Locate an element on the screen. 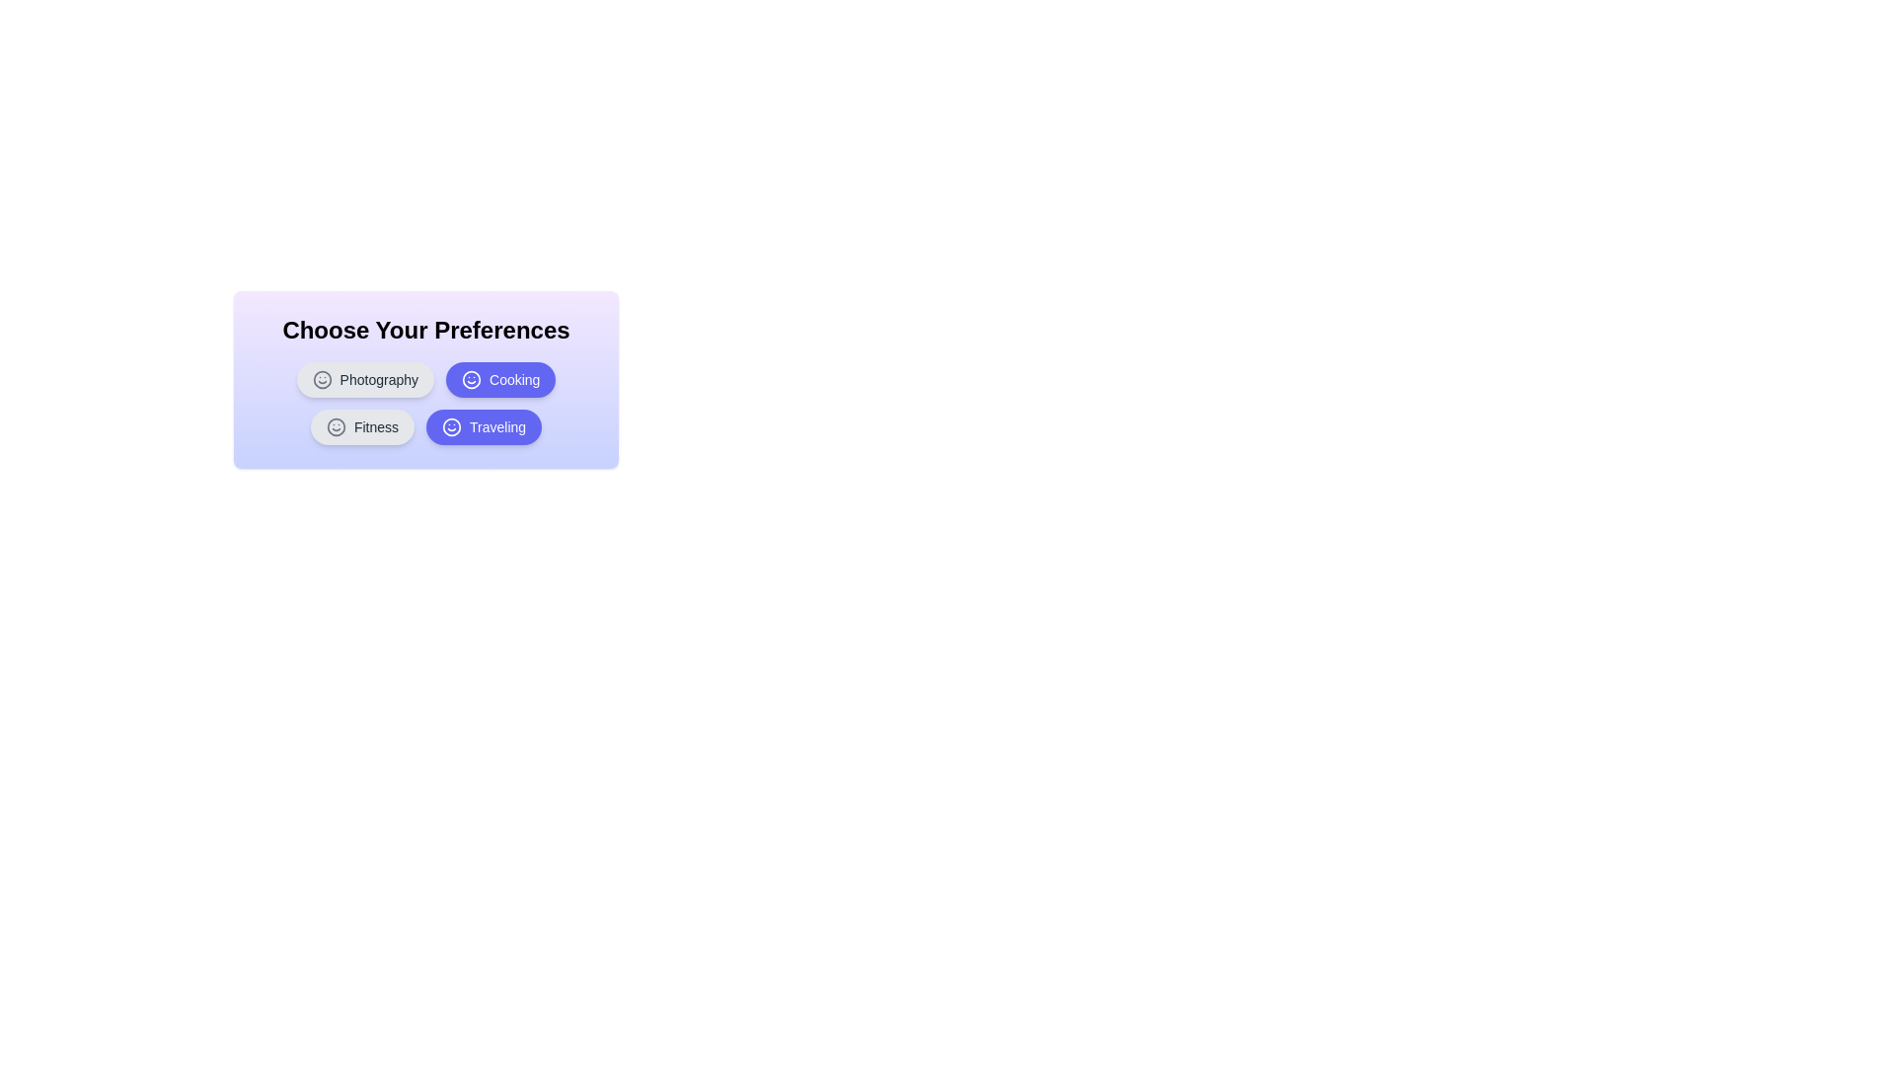  the chip labeled 'Traveling' is located at coordinates (484, 425).